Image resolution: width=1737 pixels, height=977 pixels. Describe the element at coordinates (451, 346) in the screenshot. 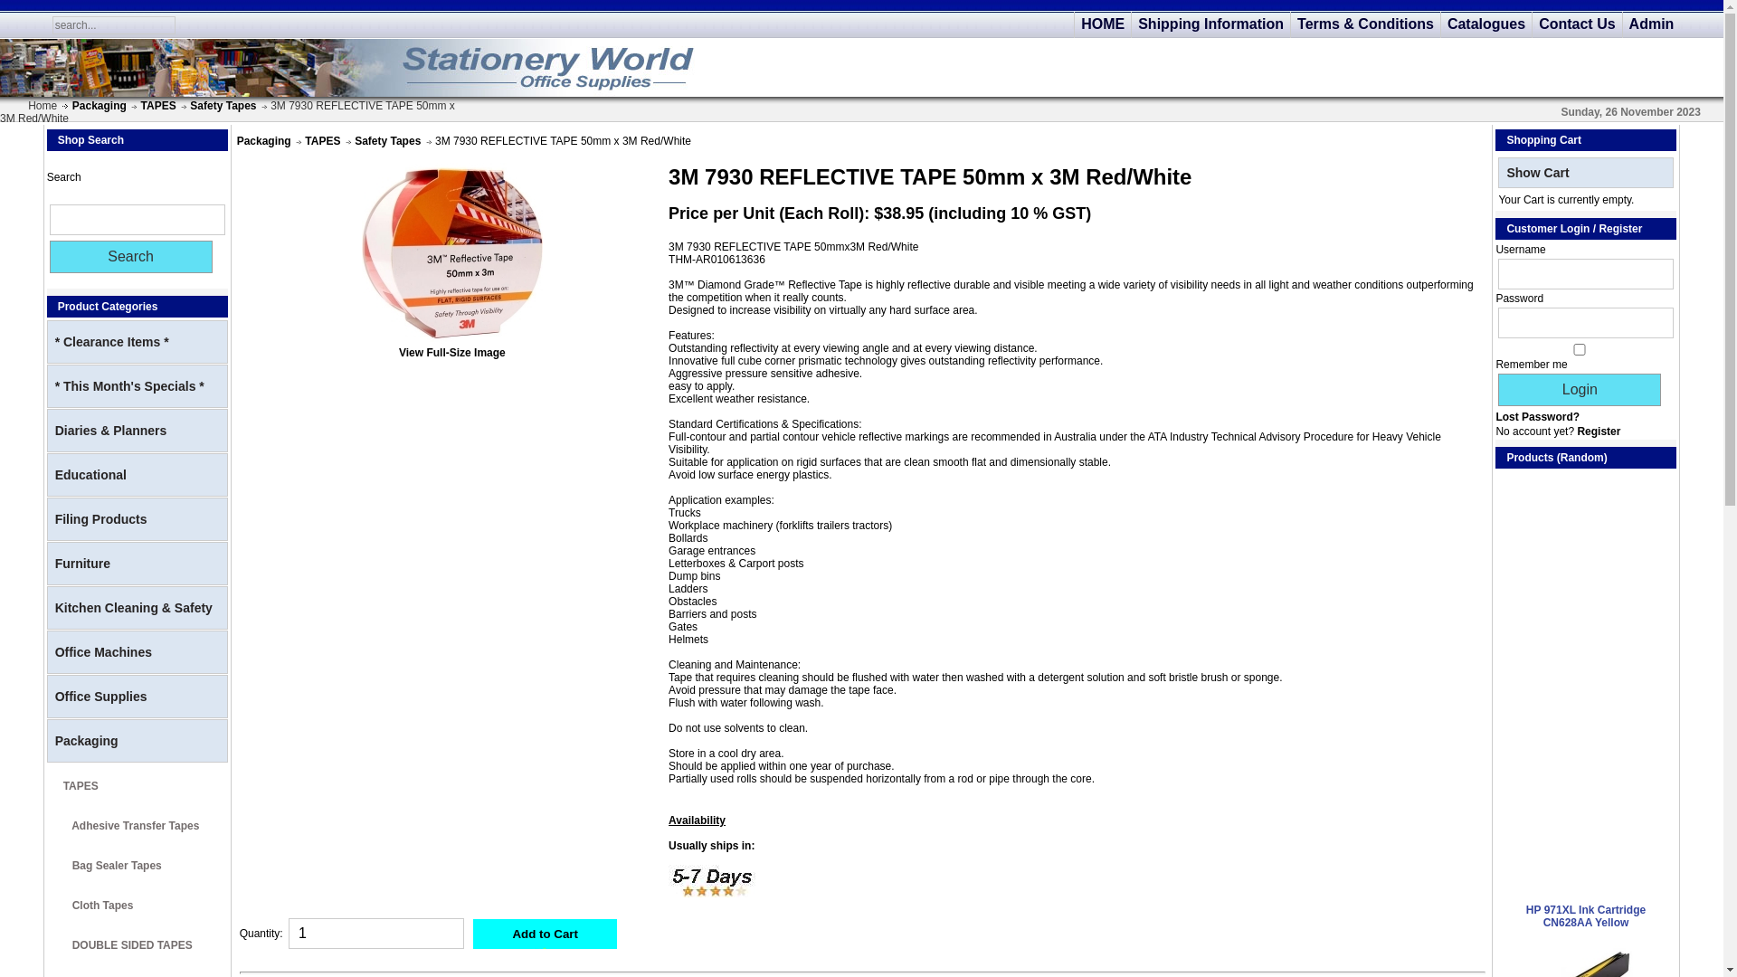

I see `'View Full-Size Image'` at that location.